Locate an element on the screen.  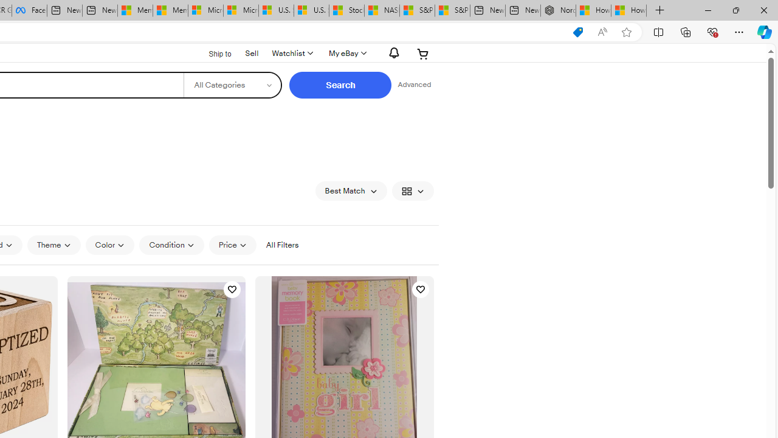
'Select a category for search' is located at coordinates (232, 85).